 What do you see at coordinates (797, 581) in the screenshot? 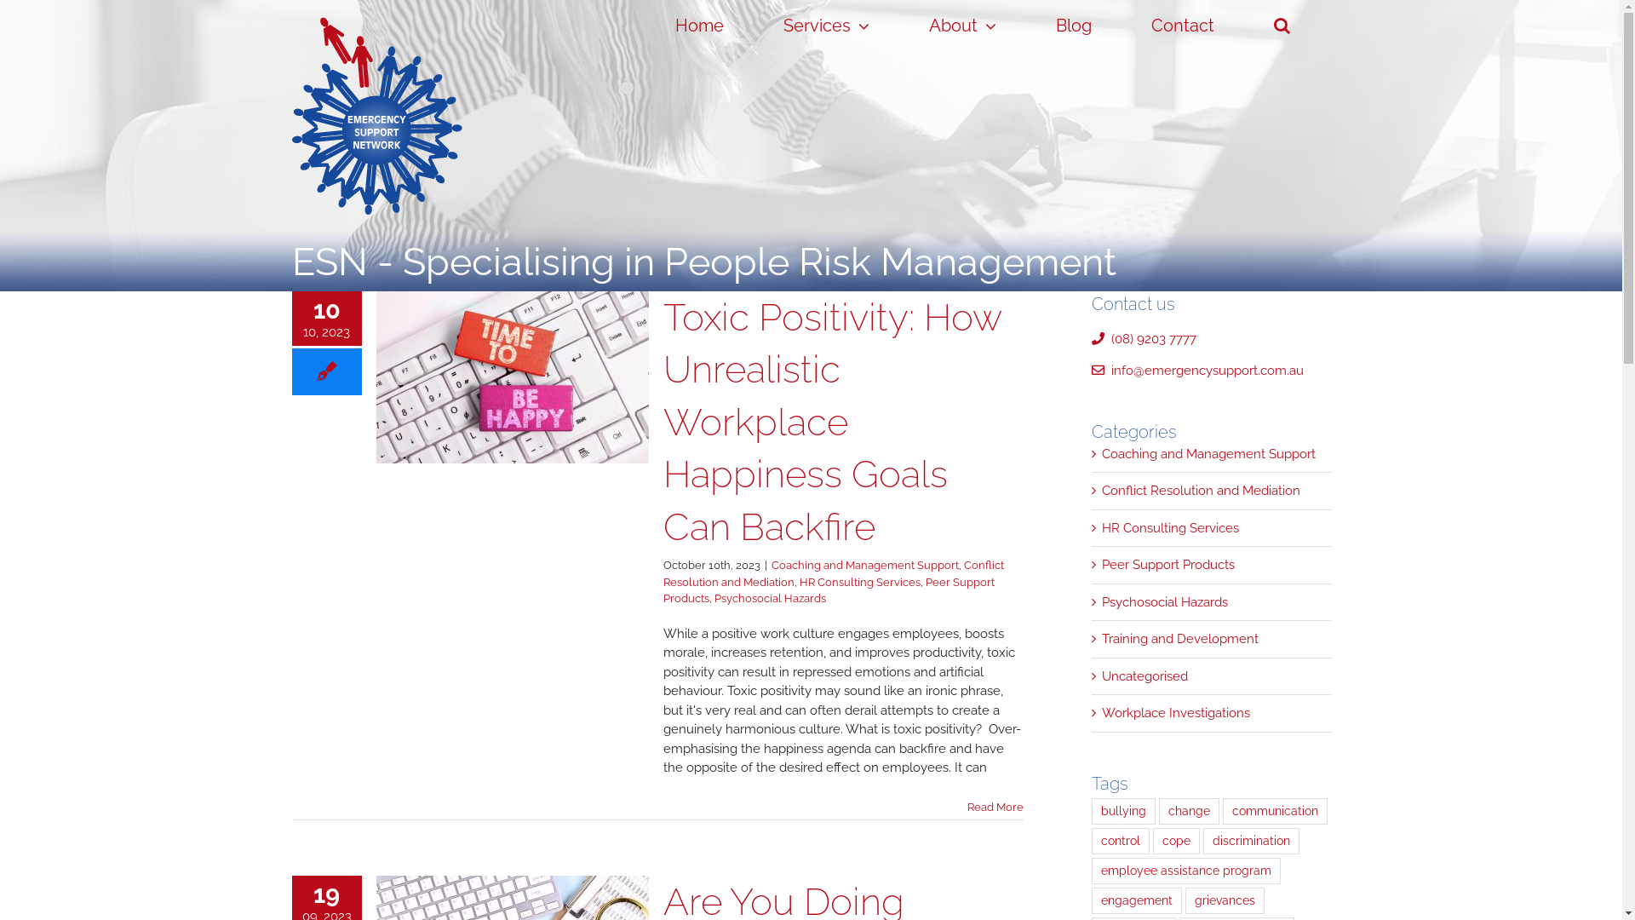
I see `'HR Consulting Services'` at bounding box center [797, 581].